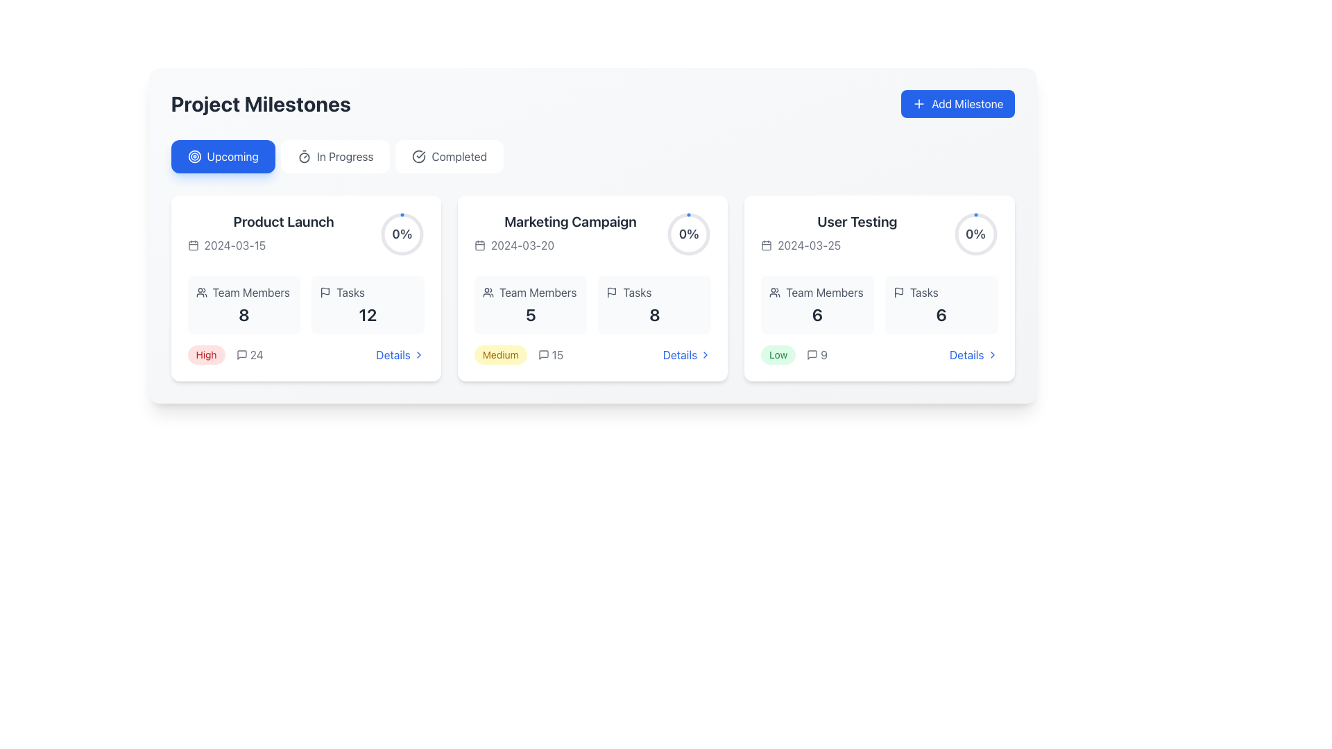 The height and width of the screenshot is (749, 1332). Describe the element at coordinates (244, 291) in the screenshot. I see `the displayed text 'Team Members' and the associated user icon in the 'Product Launch' section, which is located to the left of the 'Tasks' label` at that location.